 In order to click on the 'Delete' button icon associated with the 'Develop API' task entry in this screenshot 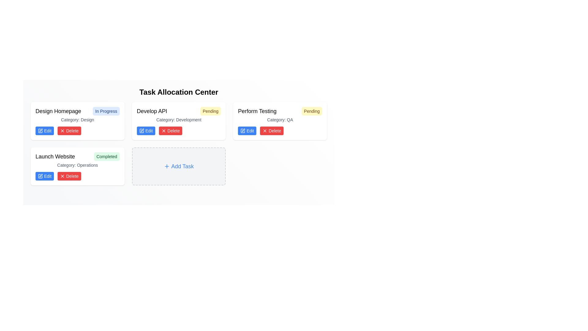, I will do `click(164, 131)`.